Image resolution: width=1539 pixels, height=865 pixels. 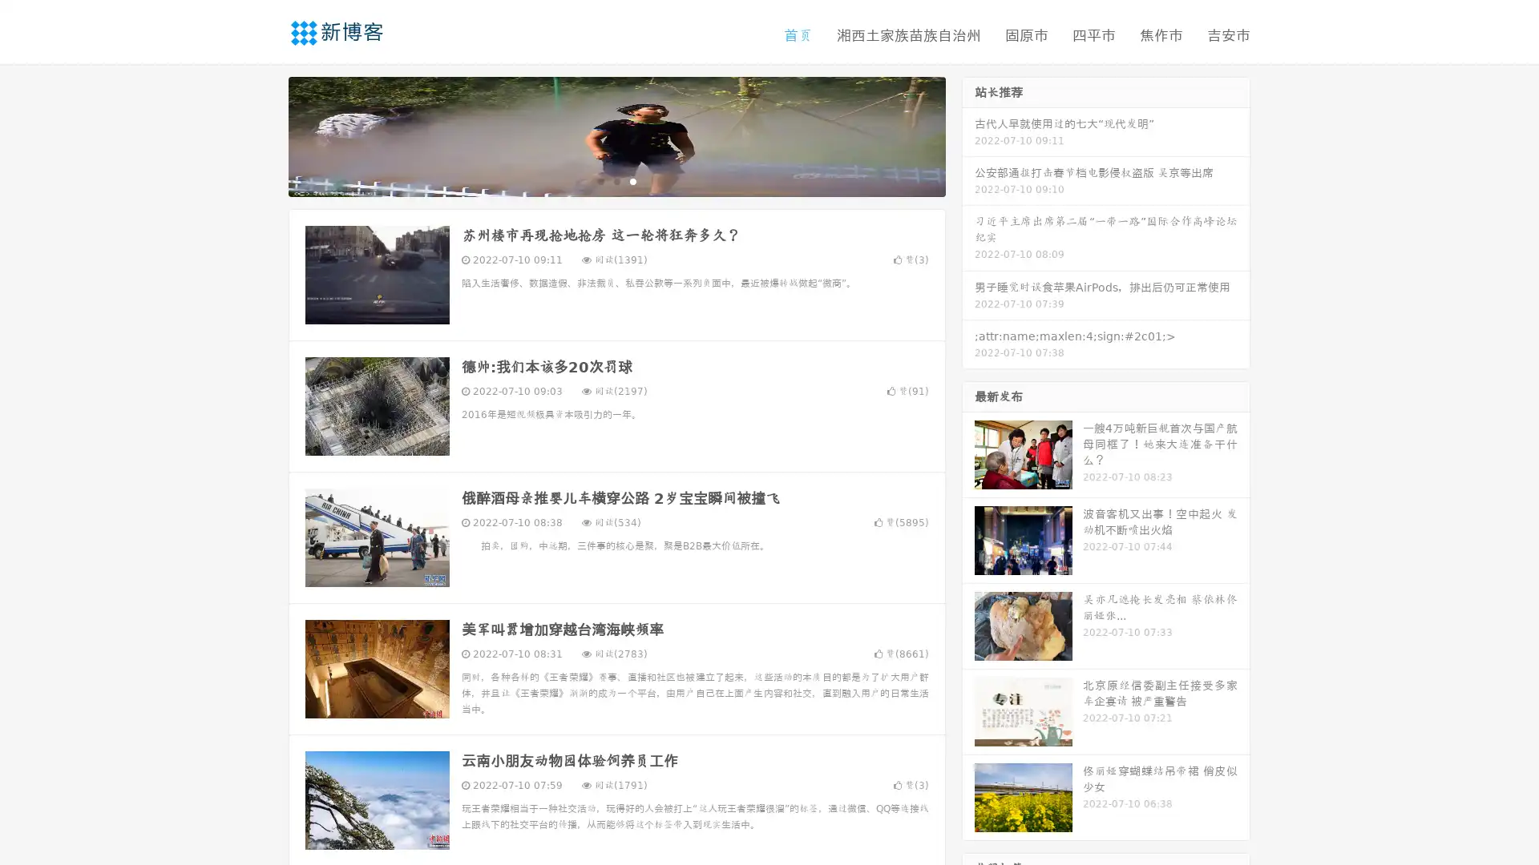 I want to click on Previous slide, so click(x=265, y=135).